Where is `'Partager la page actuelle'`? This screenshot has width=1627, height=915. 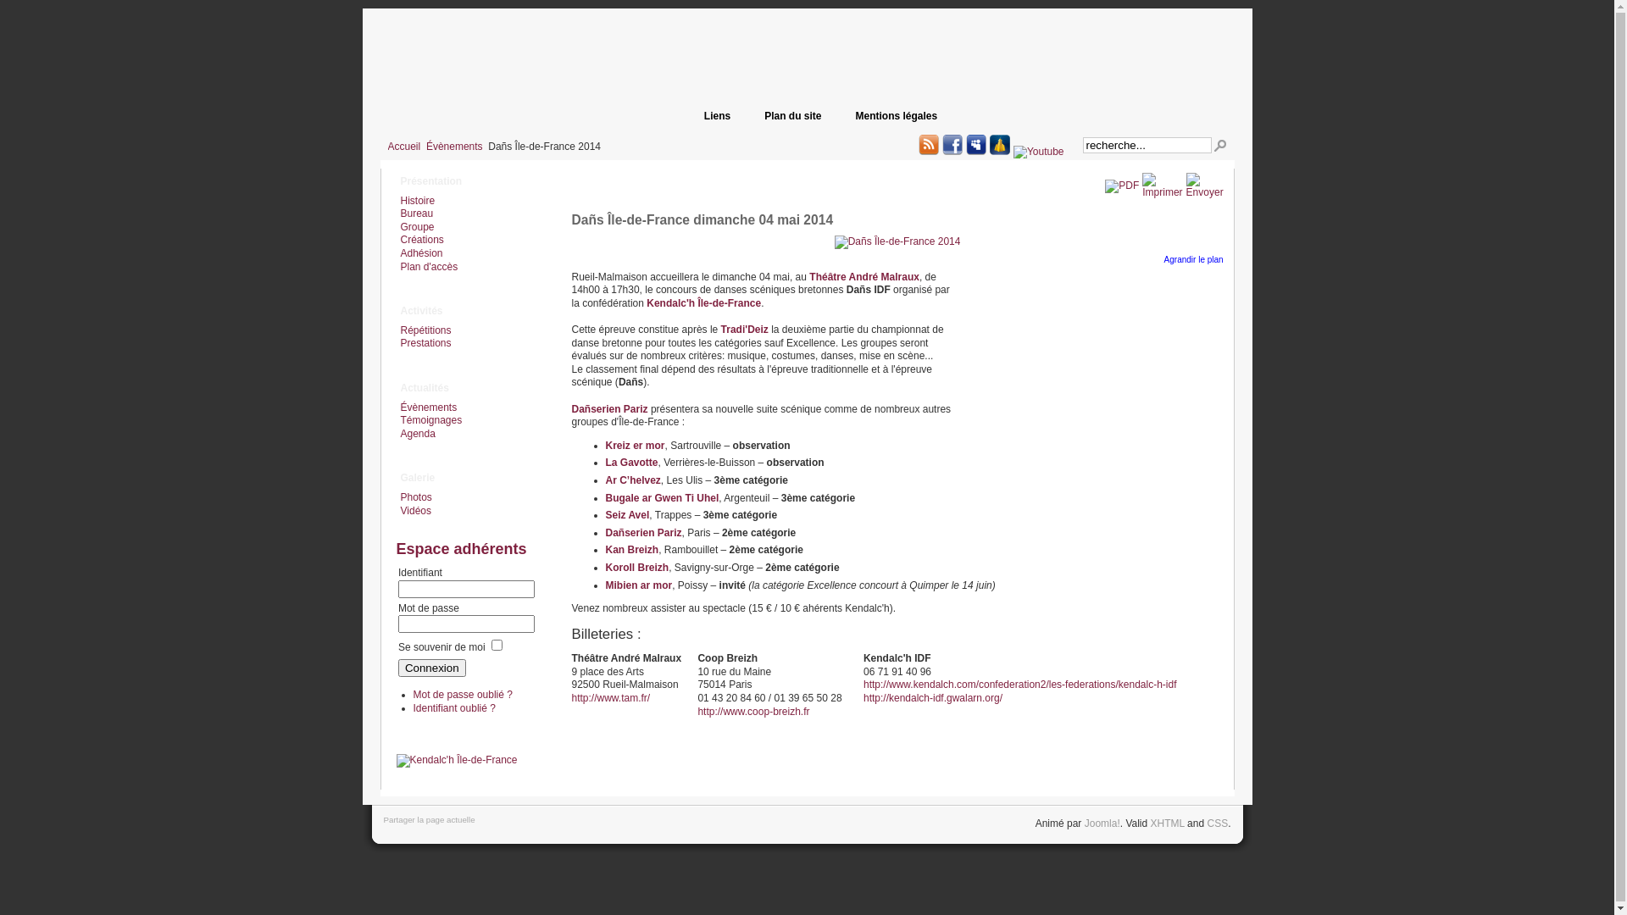 'Partager la page actuelle' is located at coordinates (428, 818).